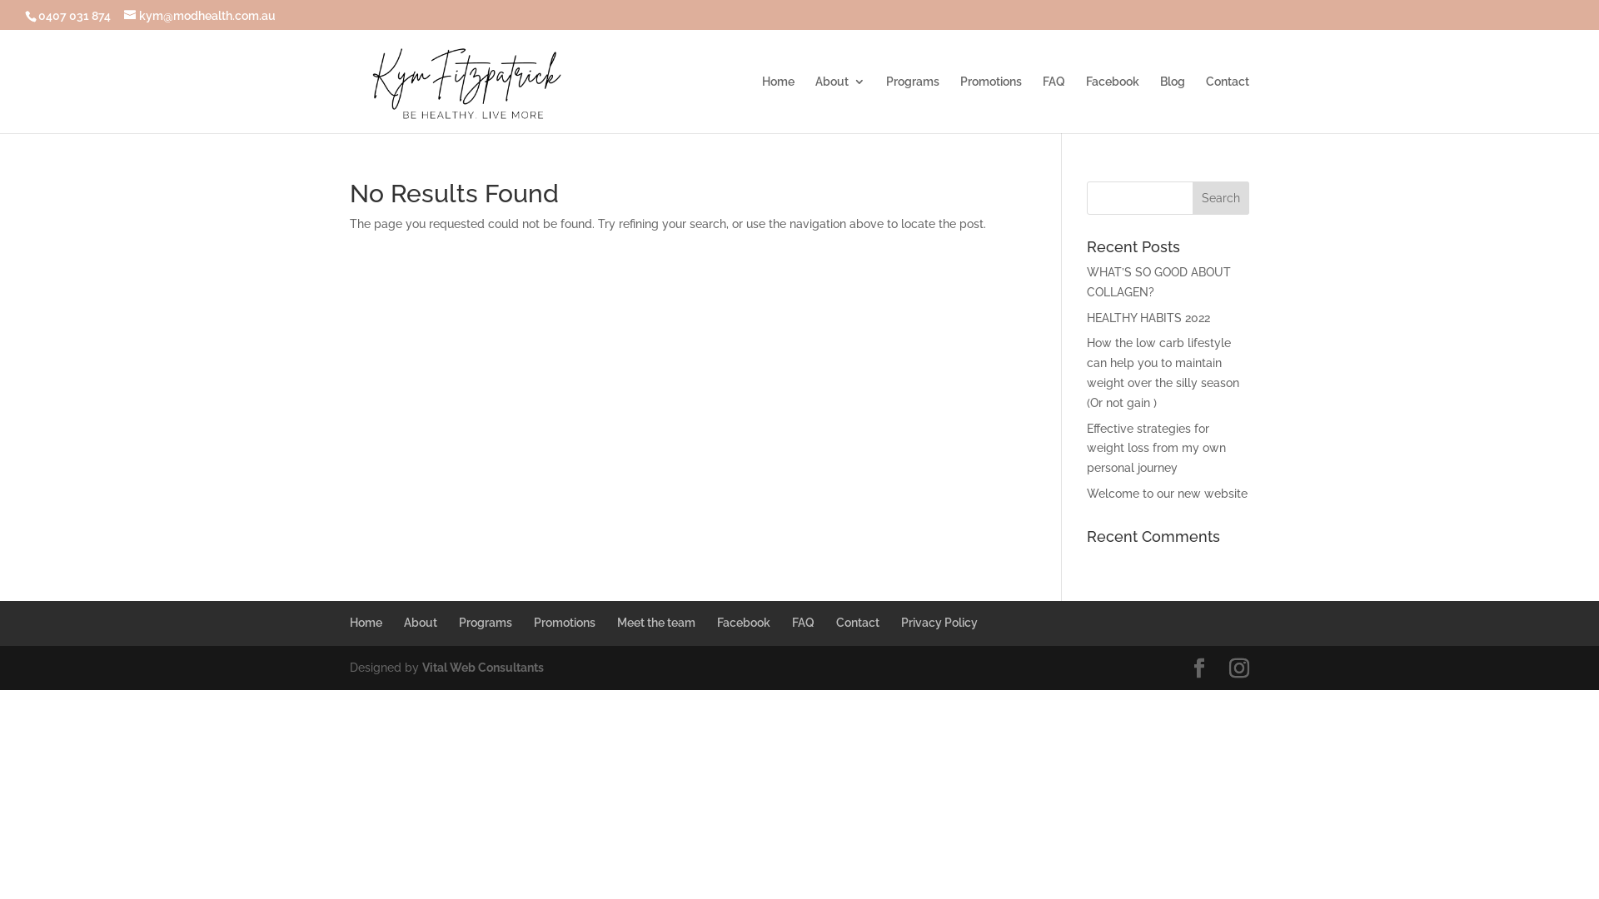  What do you see at coordinates (858, 623) in the screenshot?
I see `'Contact'` at bounding box center [858, 623].